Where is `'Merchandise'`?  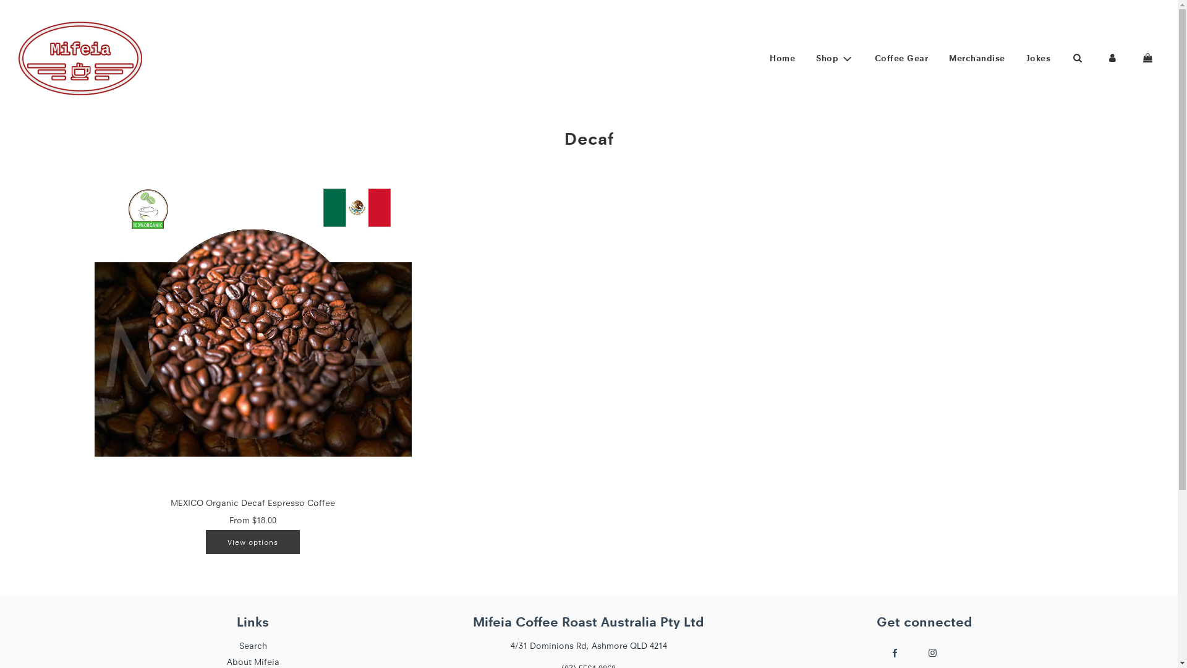
'Merchandise' is located at coordinates (976, 58).